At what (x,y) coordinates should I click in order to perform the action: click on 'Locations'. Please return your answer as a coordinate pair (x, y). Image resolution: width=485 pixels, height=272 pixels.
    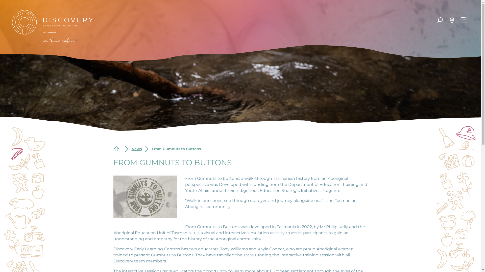
    Looking at the image, I should click on (452, 20).